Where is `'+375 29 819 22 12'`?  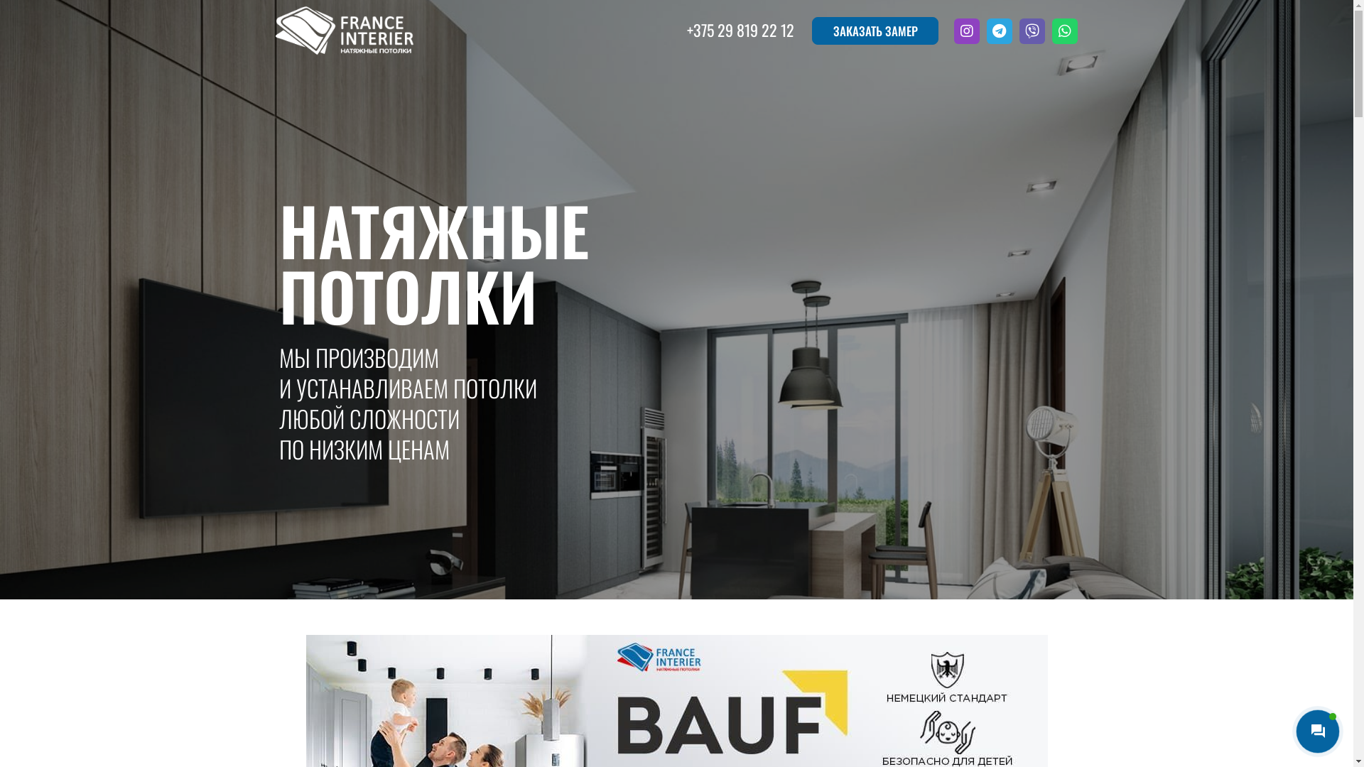
'+375 29 819 22 12' is located at coordinates (740, 30).